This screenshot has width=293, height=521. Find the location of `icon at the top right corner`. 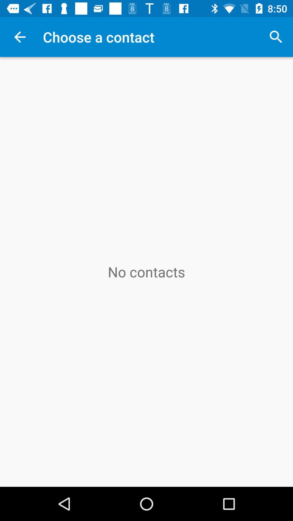

icon at the top right corner is located at coordinates (276, 37).